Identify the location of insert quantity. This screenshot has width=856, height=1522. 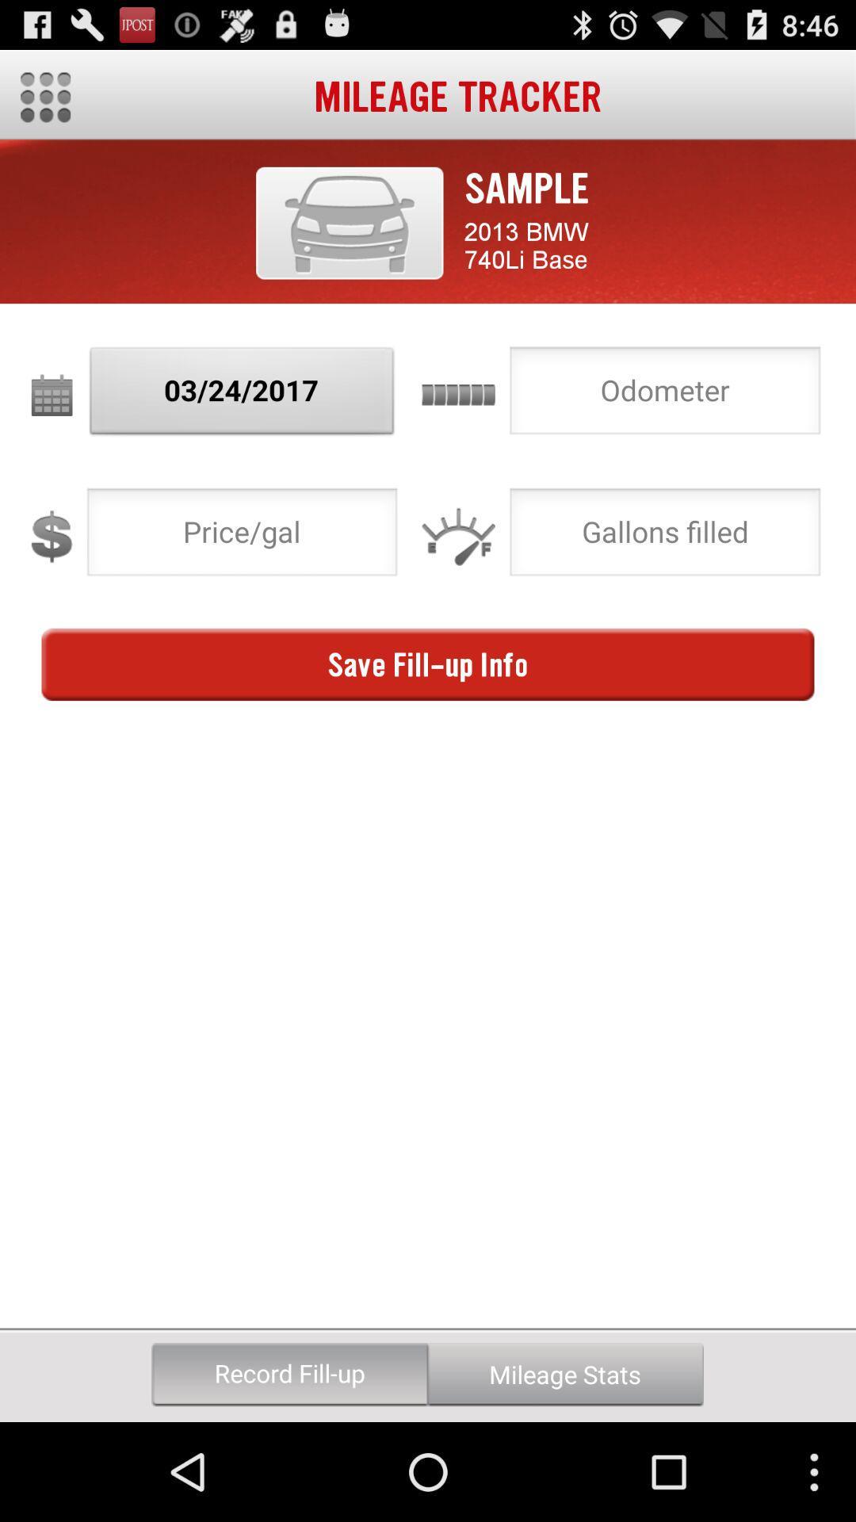
(665, 537).